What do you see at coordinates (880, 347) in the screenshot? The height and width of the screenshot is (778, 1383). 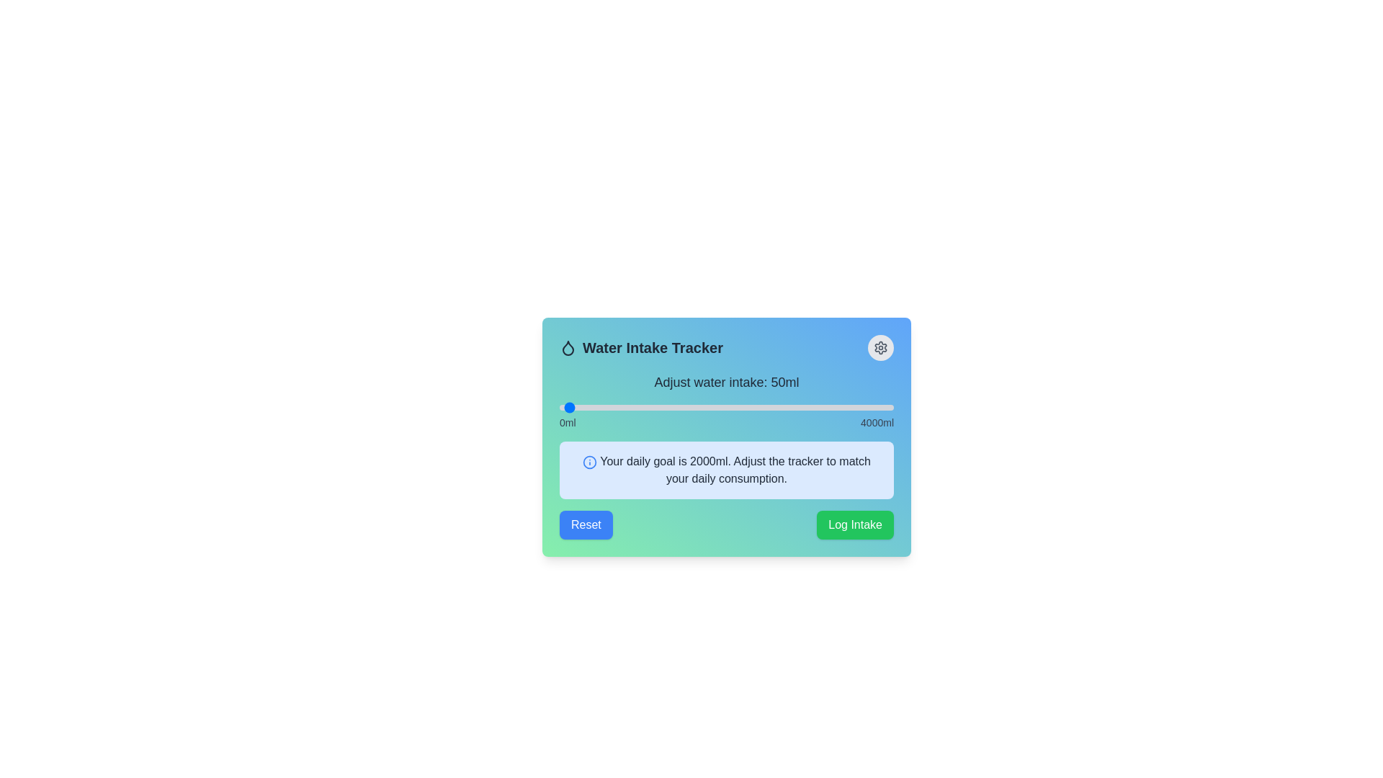 I see `the cogwheel-shaped icon located` at bounding box center [880, 347].